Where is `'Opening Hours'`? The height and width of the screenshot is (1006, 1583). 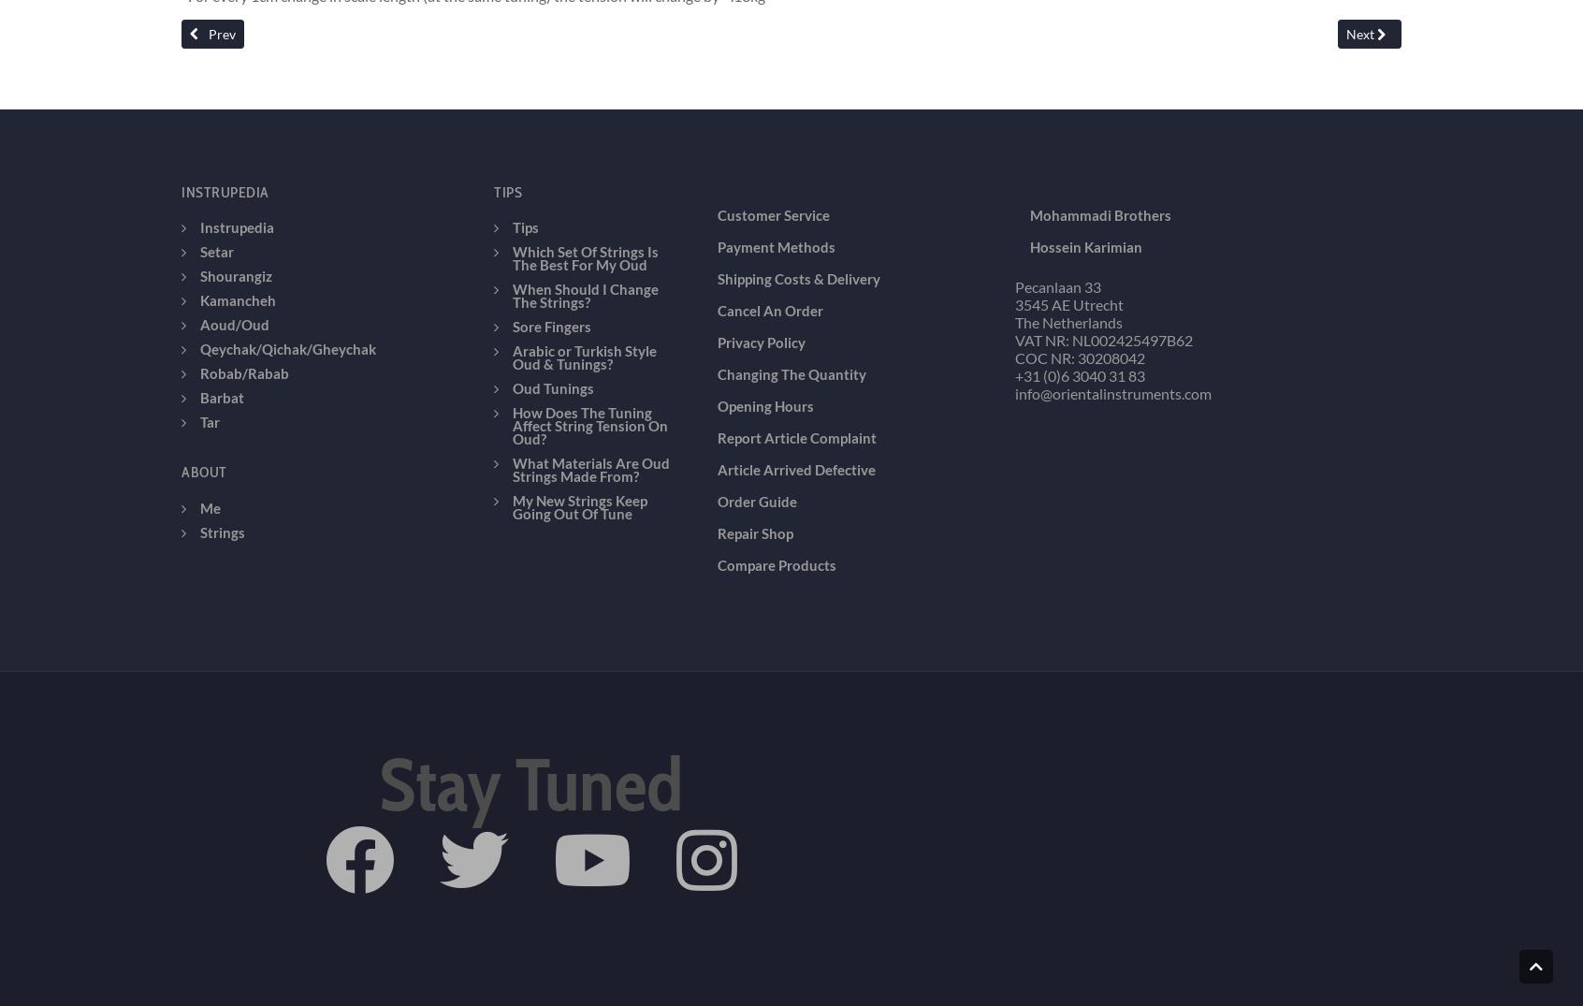 'Opening Hours' is located at coordinates (764, 272).